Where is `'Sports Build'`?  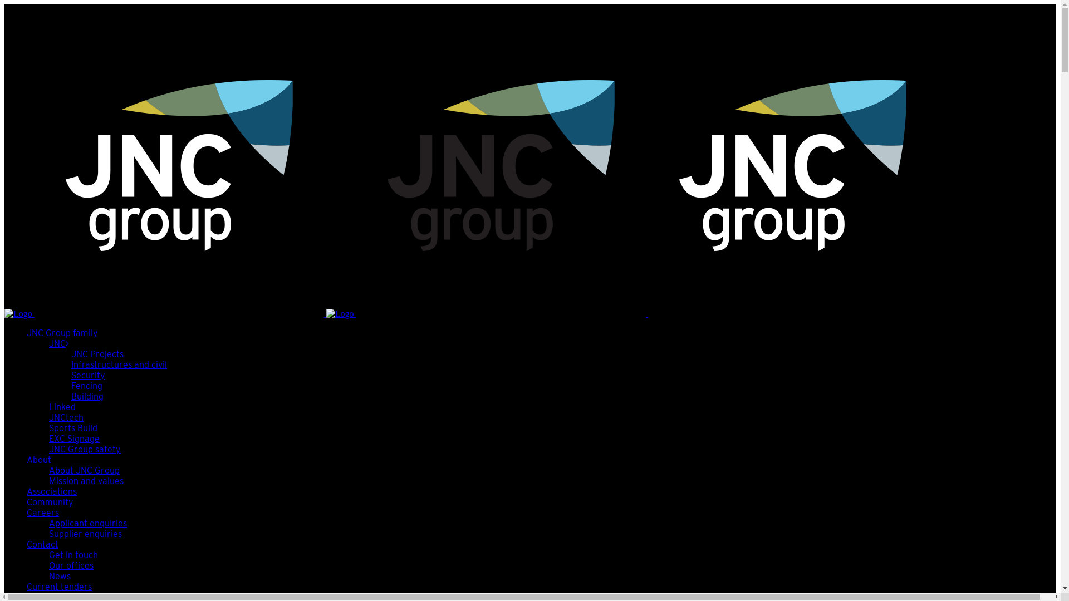
'Sports Build' is located at coordinates (72, 427).